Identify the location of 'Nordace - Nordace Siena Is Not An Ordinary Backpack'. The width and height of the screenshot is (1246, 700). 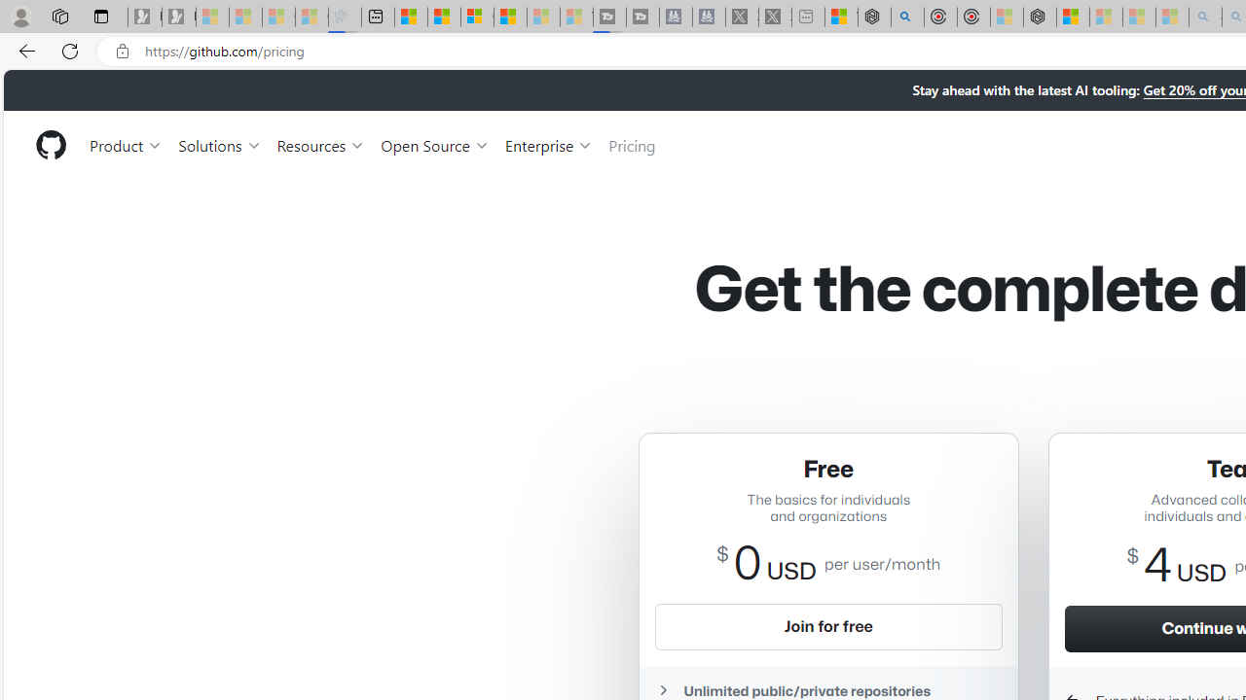
(1039, 17).